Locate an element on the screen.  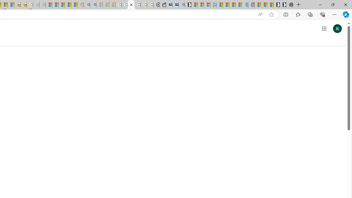
'Home | Sky Blue Bikes - Sky Blue Bikes' is located at coordinates (244, 5).